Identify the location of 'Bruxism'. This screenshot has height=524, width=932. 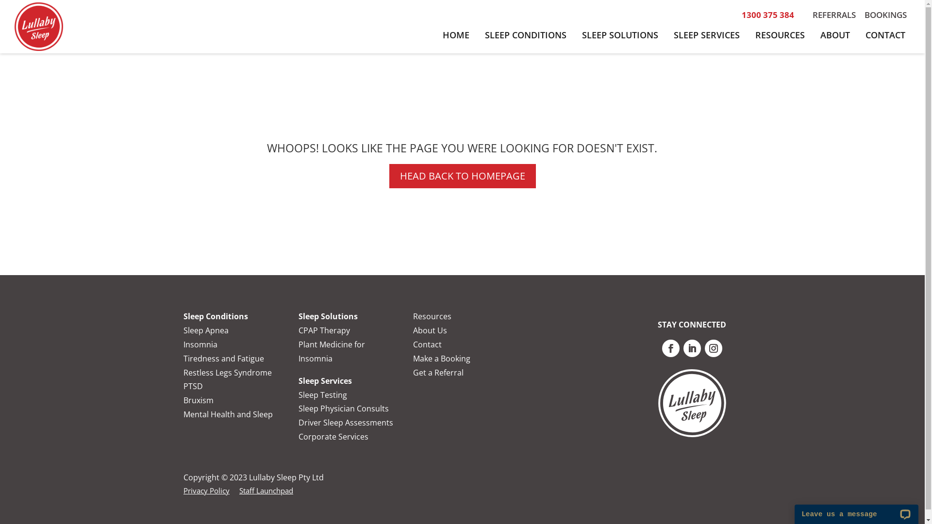
(198, 400).